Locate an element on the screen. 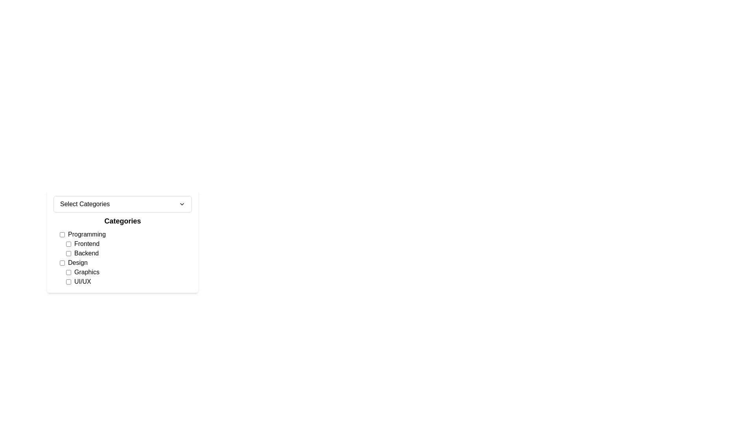 The image size is (755, 425). the checkbox for the 'UI/UX' category option within the 'Categories' dropdown menu is located at coordinates (68, 281).